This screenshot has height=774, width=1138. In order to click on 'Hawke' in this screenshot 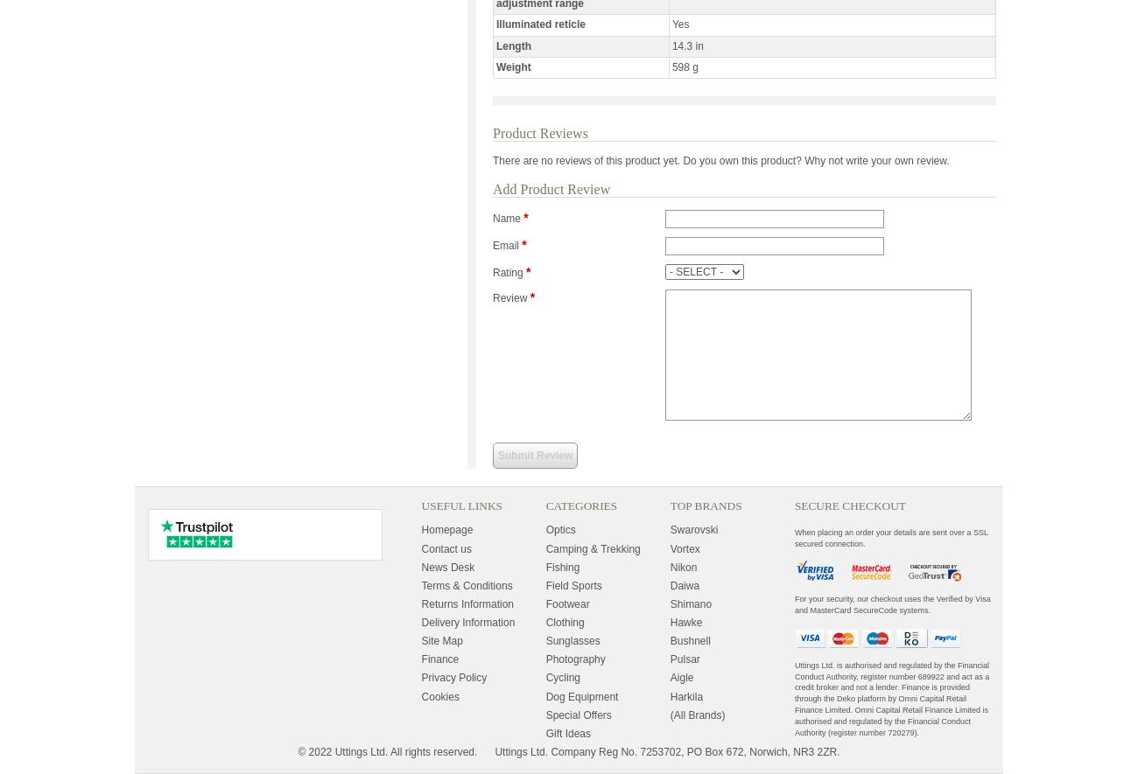, I will do `click(685, 621)`.